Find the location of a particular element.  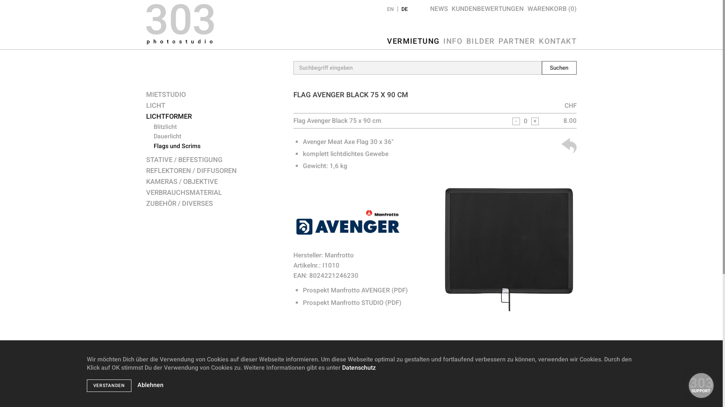

'Prospekt Manfrotto AVENGER (PDF)' is located at coordinates (355, 290).